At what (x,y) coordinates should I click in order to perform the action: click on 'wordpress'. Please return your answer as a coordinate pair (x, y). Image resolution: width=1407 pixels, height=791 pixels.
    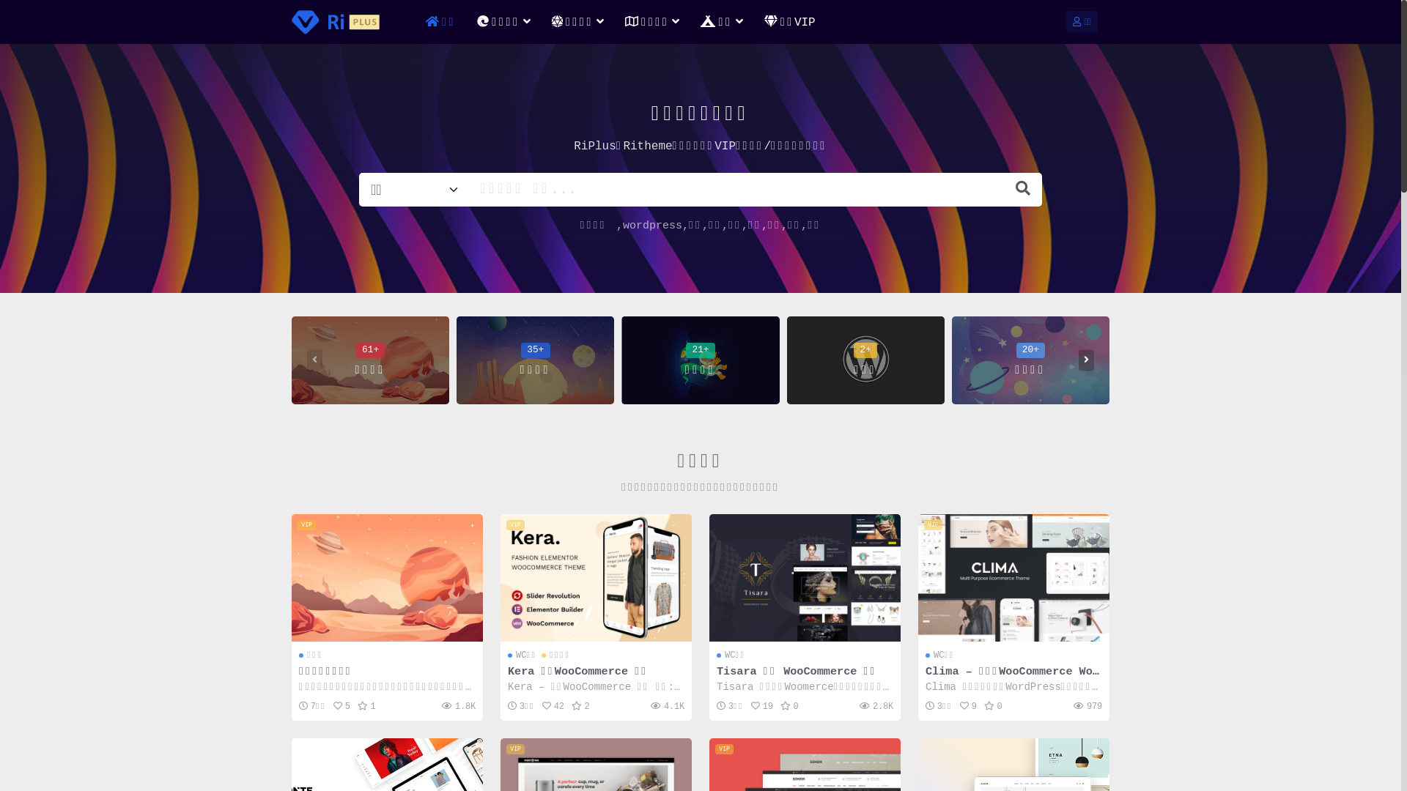
    Looking at the image, I should click on (651, 226).